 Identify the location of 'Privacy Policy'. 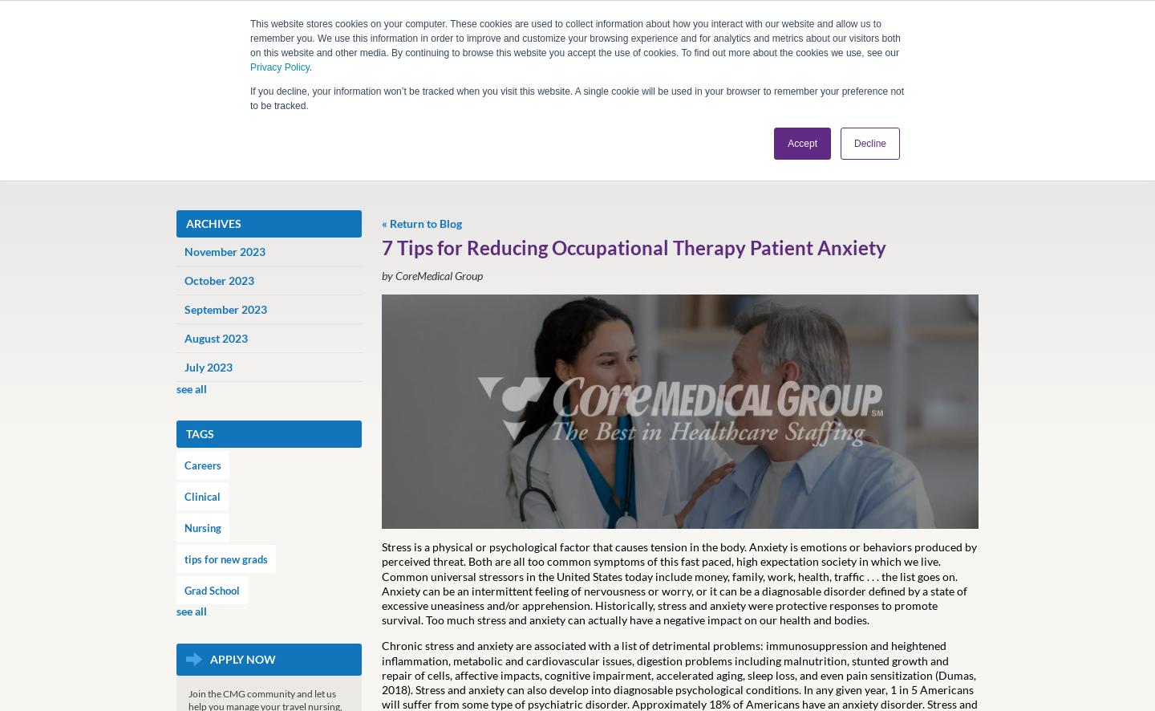
(279, 66).